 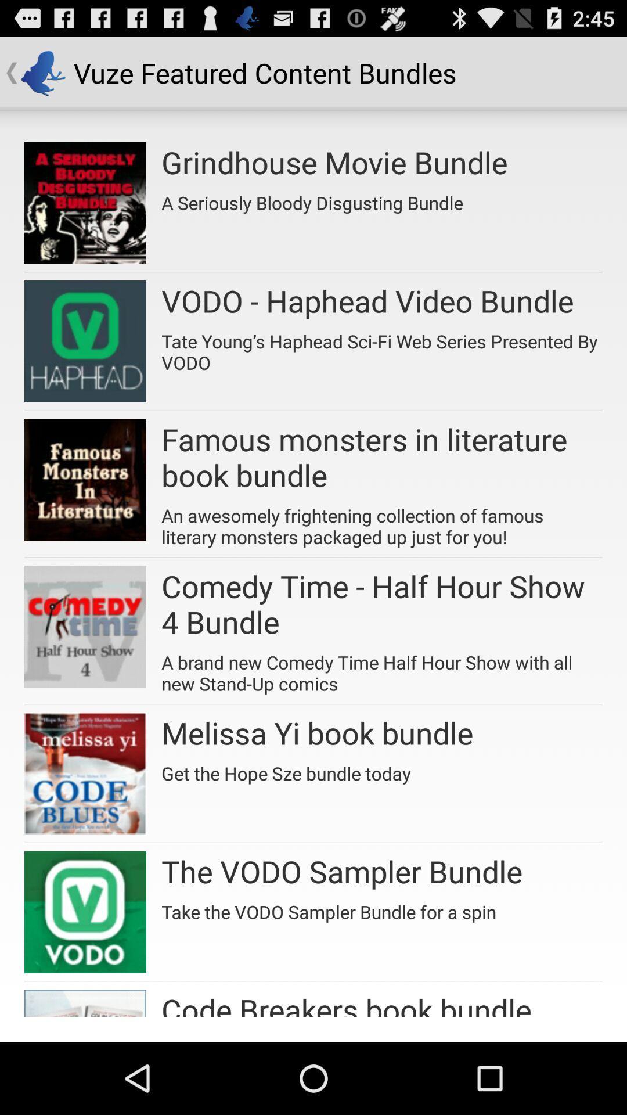 I want to click on the tate young s icon, so click(x=382, y=347).